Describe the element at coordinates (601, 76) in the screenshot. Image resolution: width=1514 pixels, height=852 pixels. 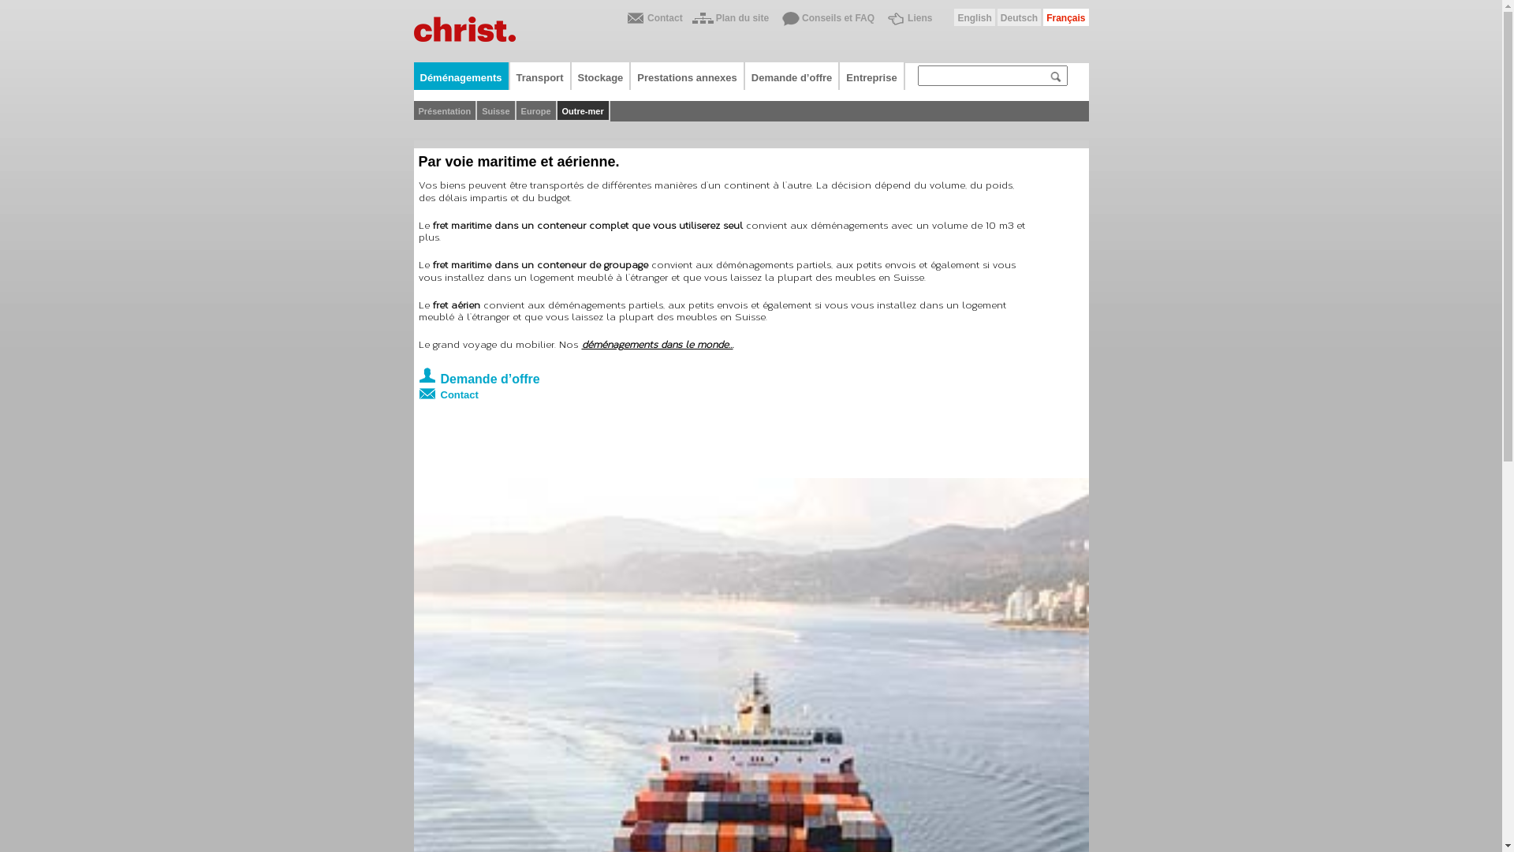
I see `'Stockage'` at that location.